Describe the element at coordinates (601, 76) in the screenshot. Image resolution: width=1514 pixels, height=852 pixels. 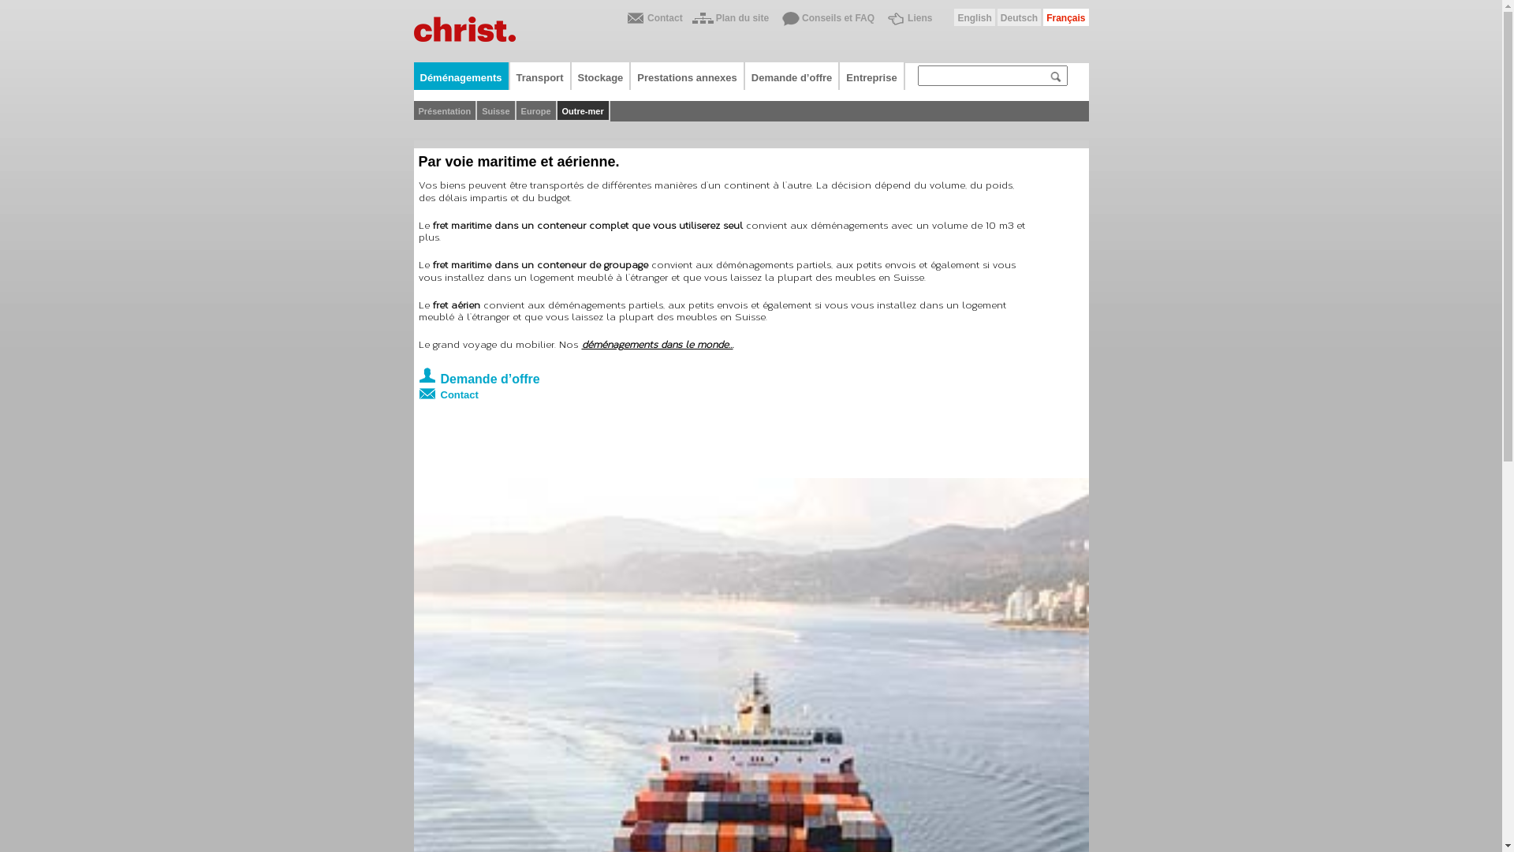
I see `'Stockage'` at that location.